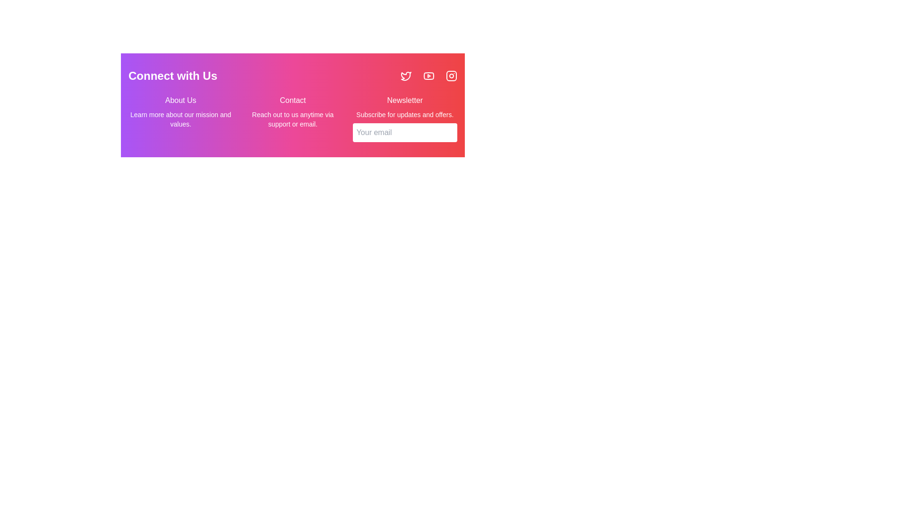  Describe the element at coordinates (292, 100) in the screenshot. I see `the section title indicating contact-related information, located above the explanatory text 'Reach out to us anytime via support or email.'` at that location.